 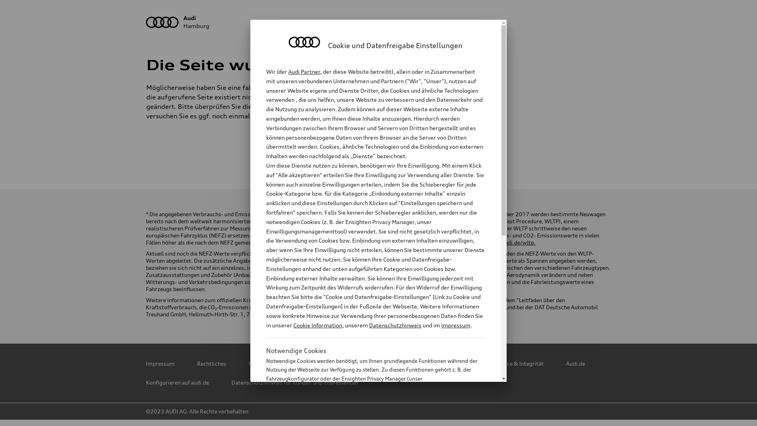 What do you see at coordinates (366, 417) in the screenshot?
I see `'Cookie Information'` at bounding box center [366, 417].